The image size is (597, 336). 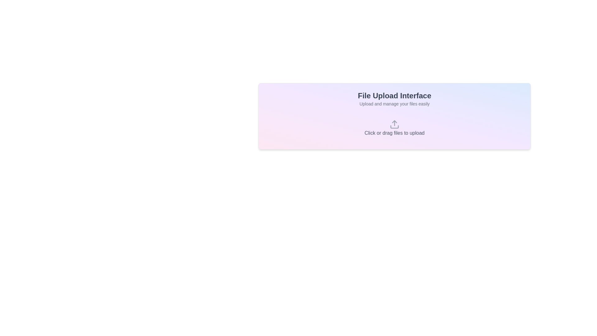 What do you see at coordinates (394, 98) in the screenshot?
I see `text from the Styled text block titled 'File Upload Interface' to understand the interface purpose, which includes a bold title and a smaller descriptive subtitle` at bounding box center [394, 98].